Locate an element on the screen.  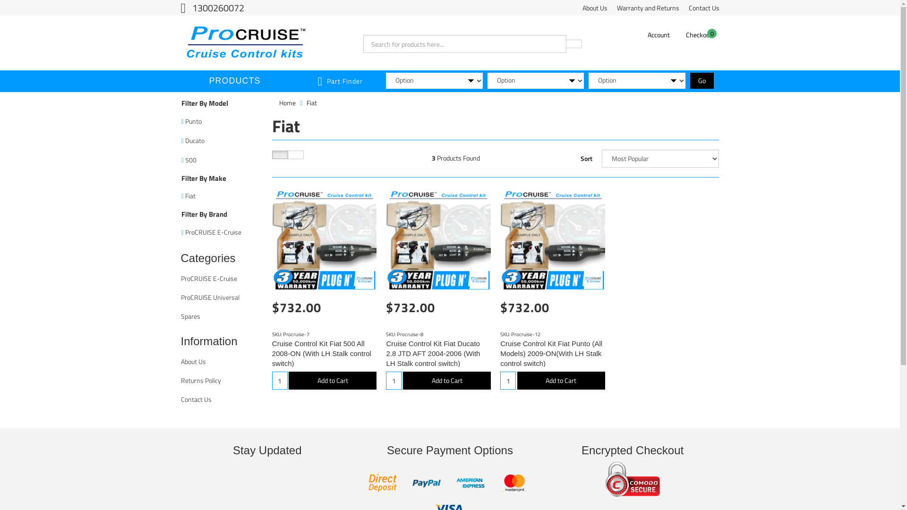
'Fiat' is located at coordinates (312, 102).